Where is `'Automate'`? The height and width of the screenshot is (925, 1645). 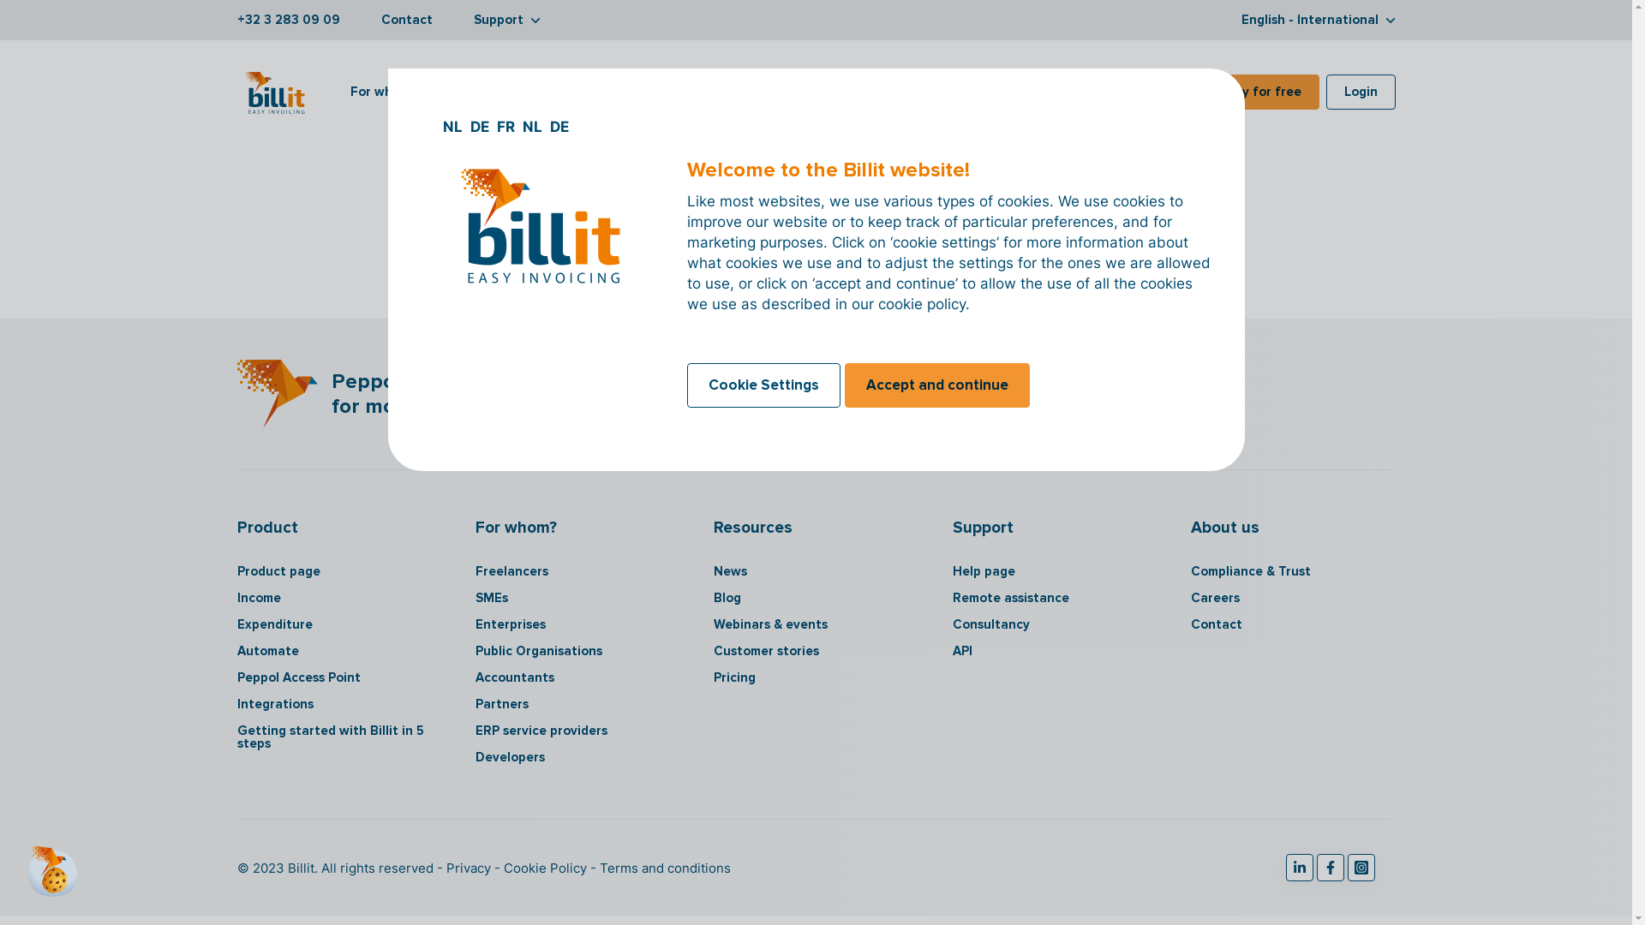
'Automate' is located at coordinates (338, 651).